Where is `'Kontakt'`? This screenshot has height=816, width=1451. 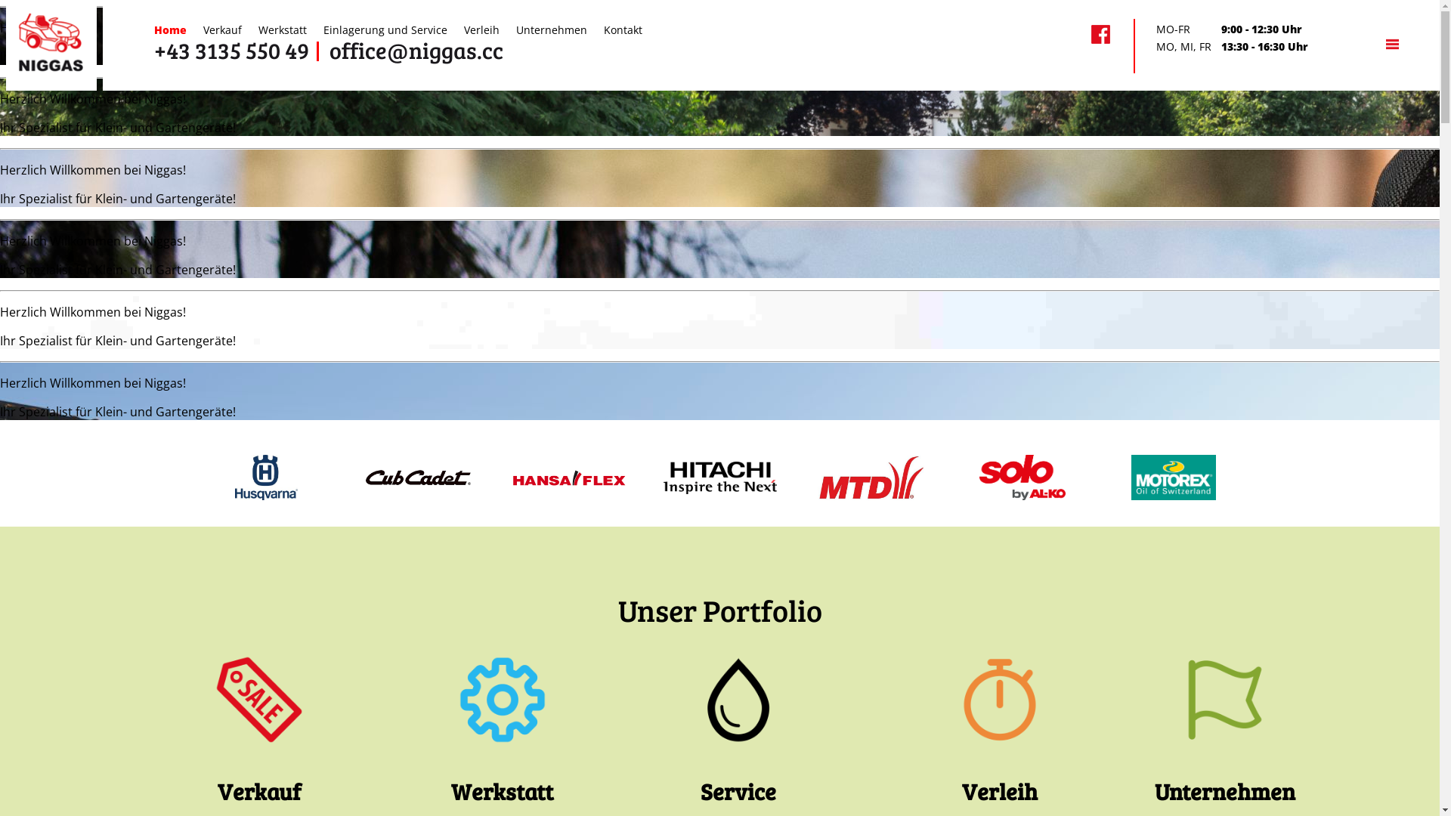
'Kontakt' is located at coordinates (623, 29).